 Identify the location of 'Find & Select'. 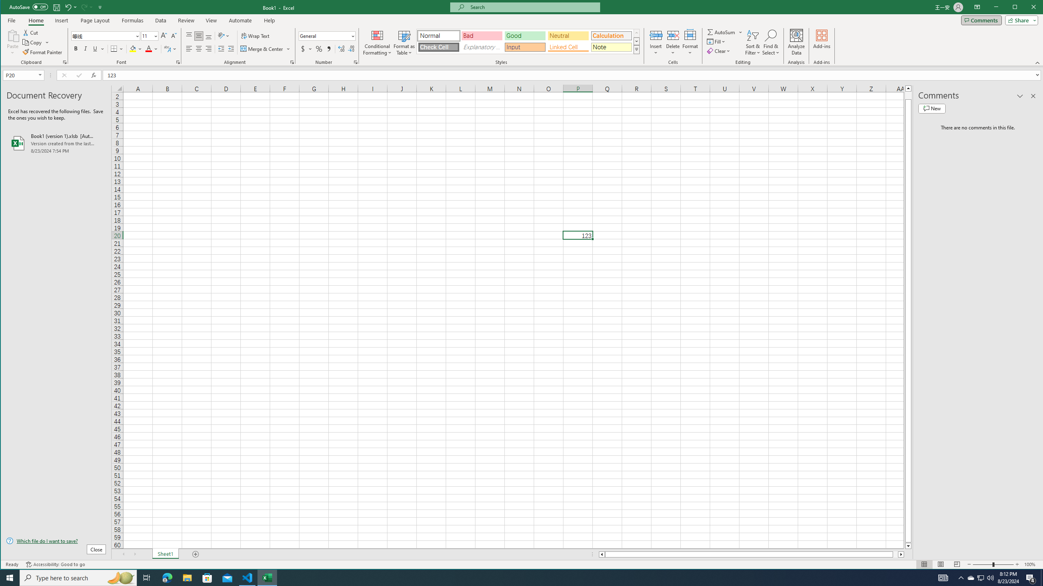
(770, 42).